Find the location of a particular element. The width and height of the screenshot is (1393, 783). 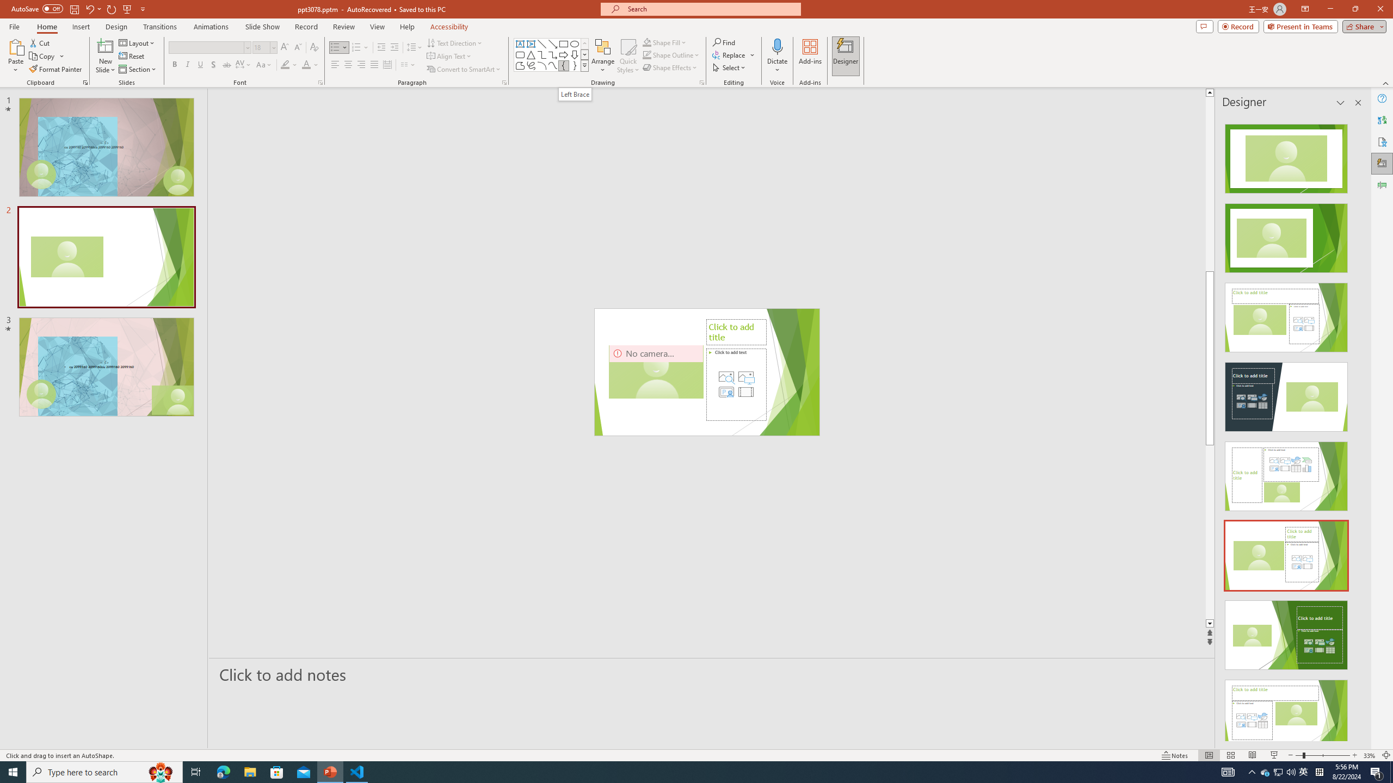

'Text Direction' is located at coordinates (455, 42).